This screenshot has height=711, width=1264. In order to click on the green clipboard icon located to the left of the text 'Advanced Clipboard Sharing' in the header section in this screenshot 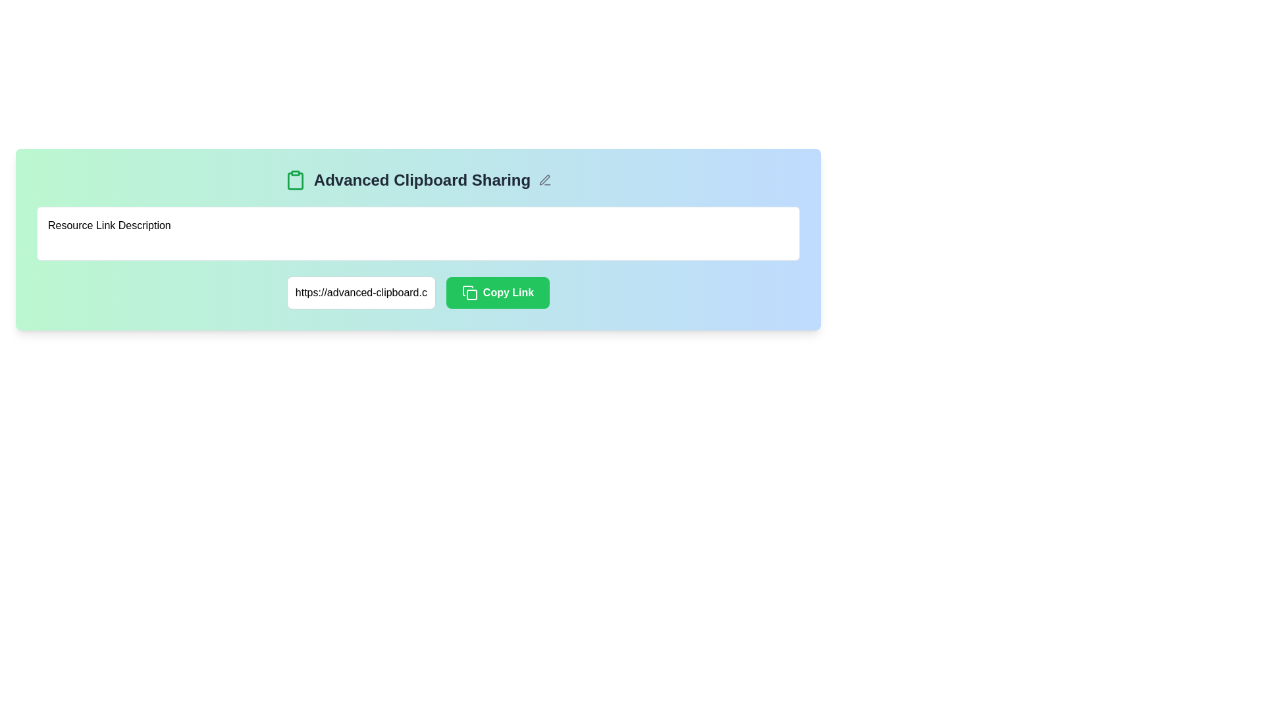, I will do `click(294, 180)`.